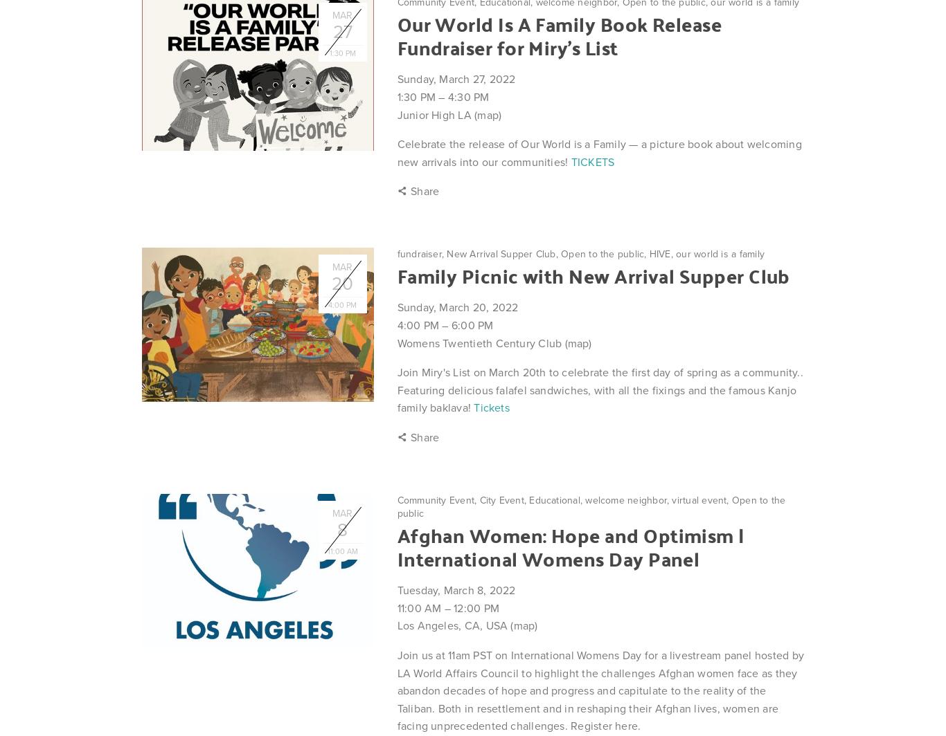 Image resolution: width=946 pixels, height=736 pixels. Describe the element at coordinates (452, 607) in the screenshot. I see `'12:00 PM'` at that location.